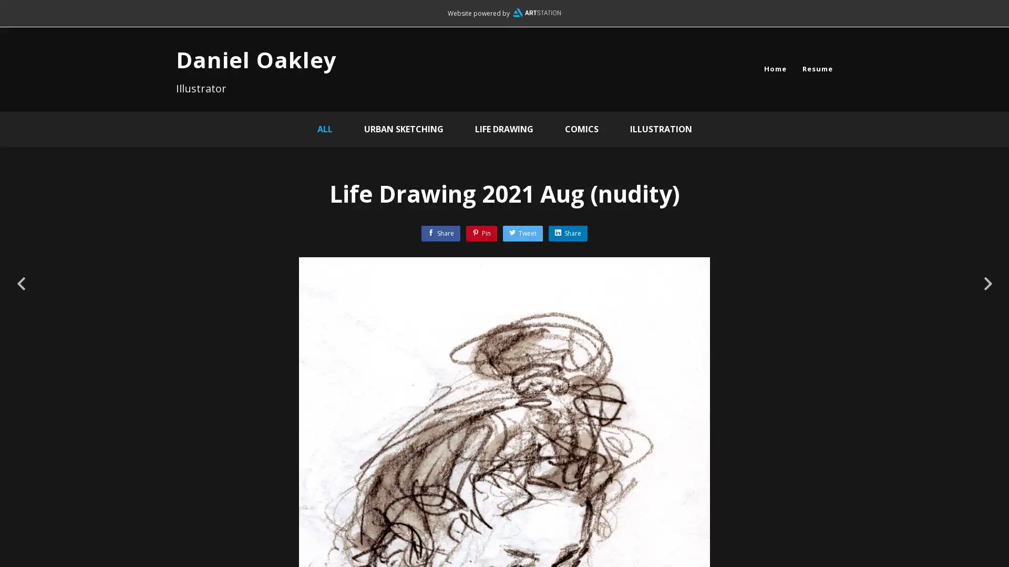  Describe the element at coordinates (441, 233) in the screenshot. I see `Share` at that location.